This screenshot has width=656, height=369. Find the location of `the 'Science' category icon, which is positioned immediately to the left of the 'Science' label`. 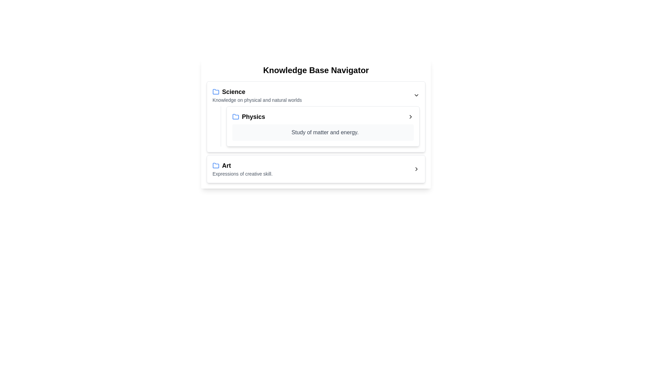

the 'Science' category icon, which is positioned immediately to the left of the 'Science' label is located at coordinates (216, 92).